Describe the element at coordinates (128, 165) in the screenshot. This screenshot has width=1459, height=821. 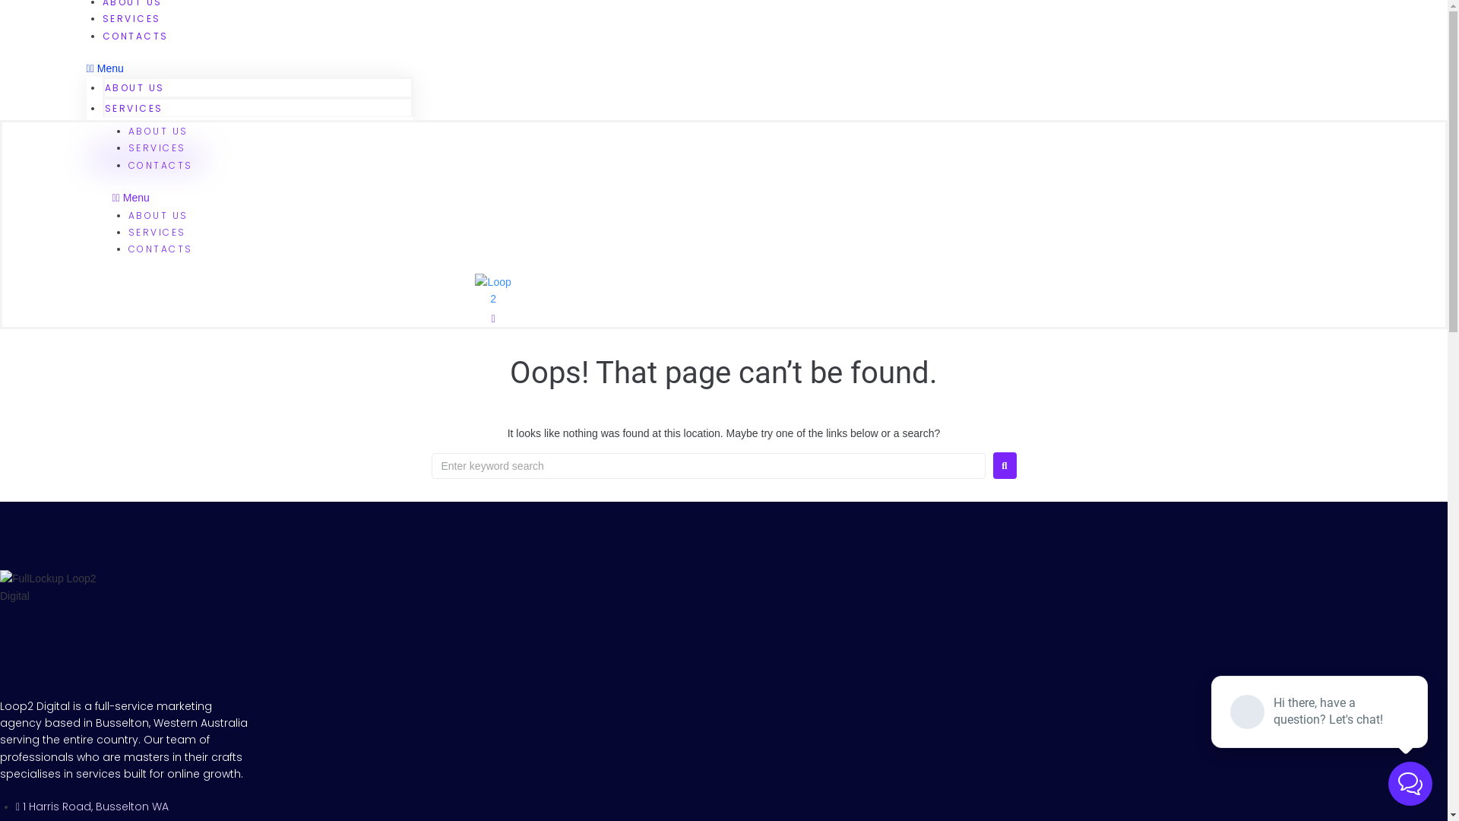
I see `'CONTACTS'` at that location.